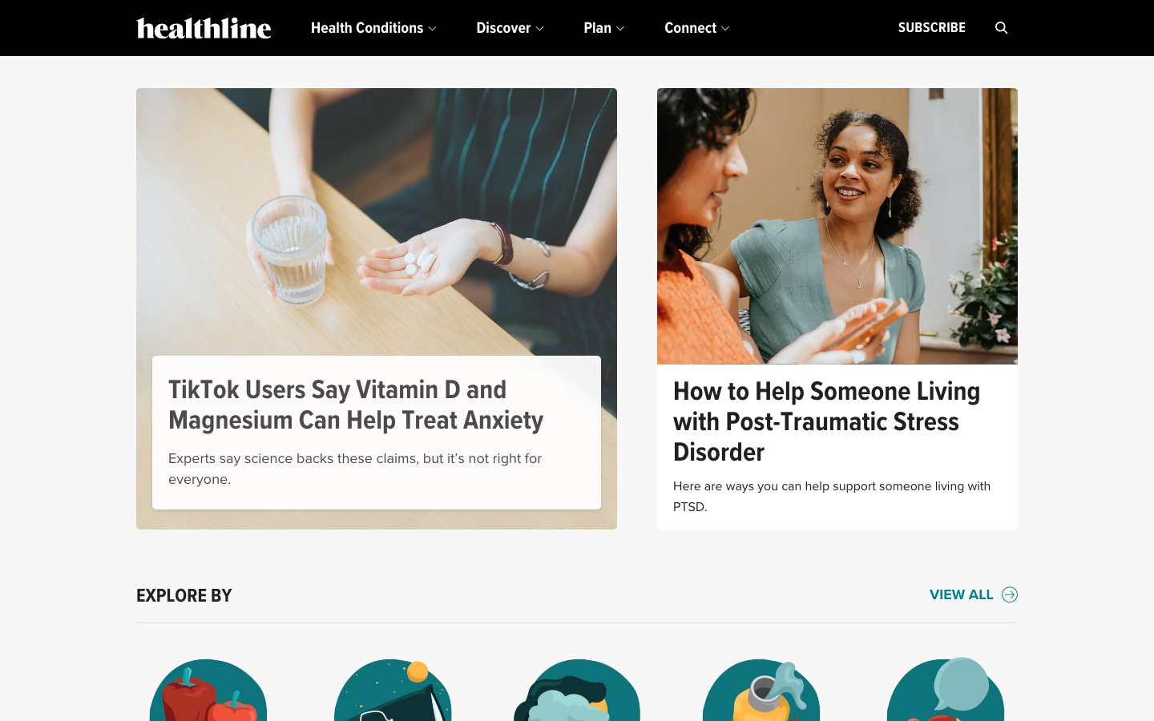 The height and width of the screenshot is (721, 1154). I want to click on View the categories under health conditions section, so click(373, 27).